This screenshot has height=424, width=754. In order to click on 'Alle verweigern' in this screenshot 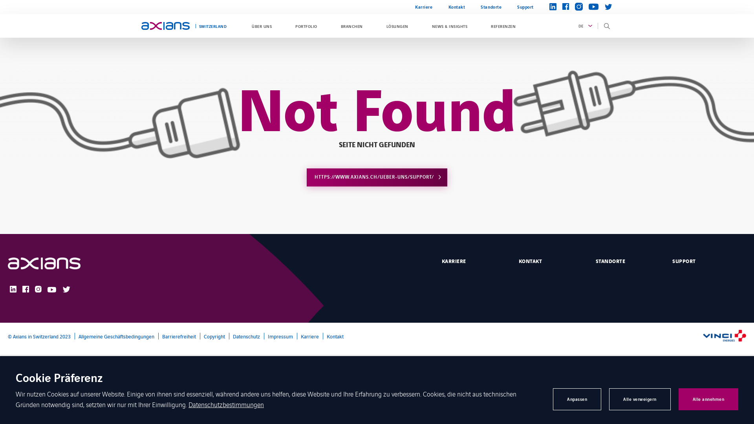, I will do `click(608, 399)`.